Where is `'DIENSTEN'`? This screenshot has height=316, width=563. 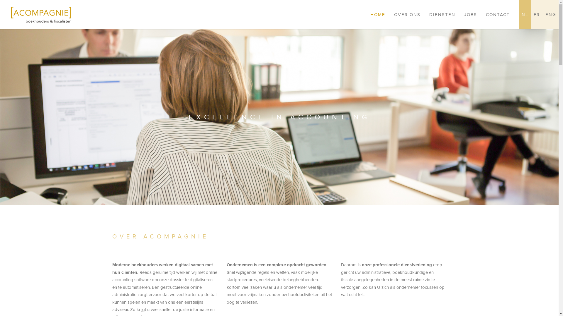
'DIENSTEN' is located at coordinates (442, 14).